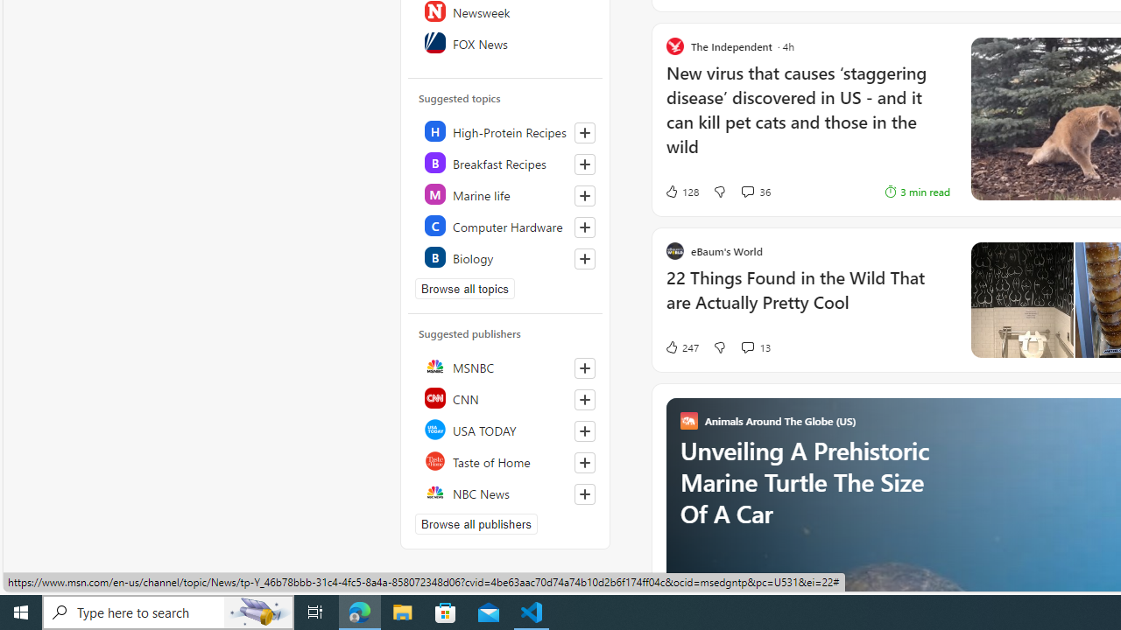 The image size is (1121, 630). What do you see at coordinates (755, 192) in the screenshot?
I see `'View comments 36 Comment'` at bounding box center [755, 192].